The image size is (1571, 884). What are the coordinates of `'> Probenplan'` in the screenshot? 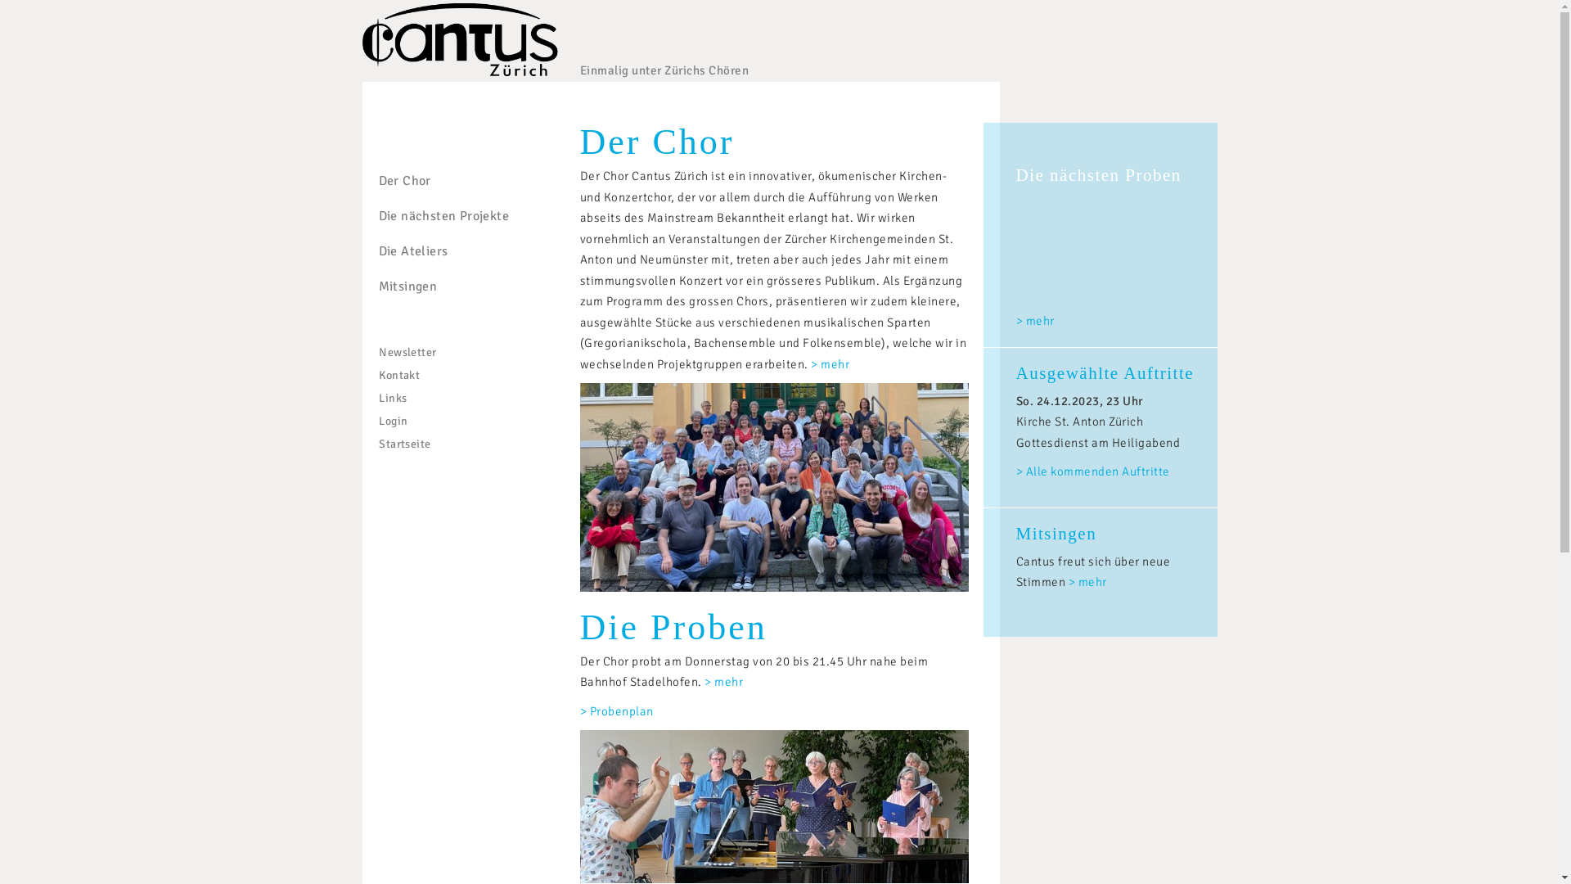 It's located at (615, 710).